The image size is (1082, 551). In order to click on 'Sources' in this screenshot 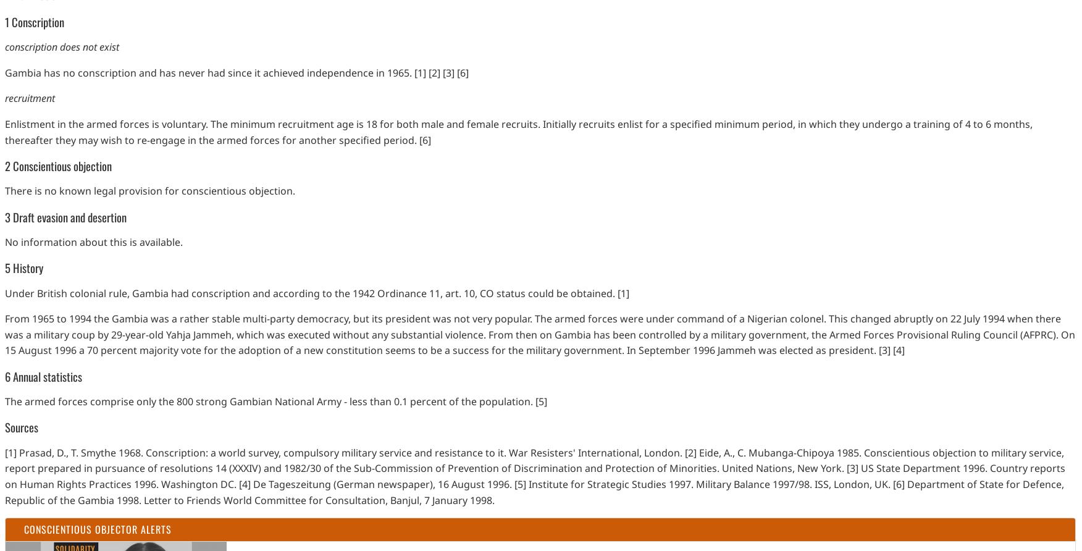, I will do `click(22, 427)`.